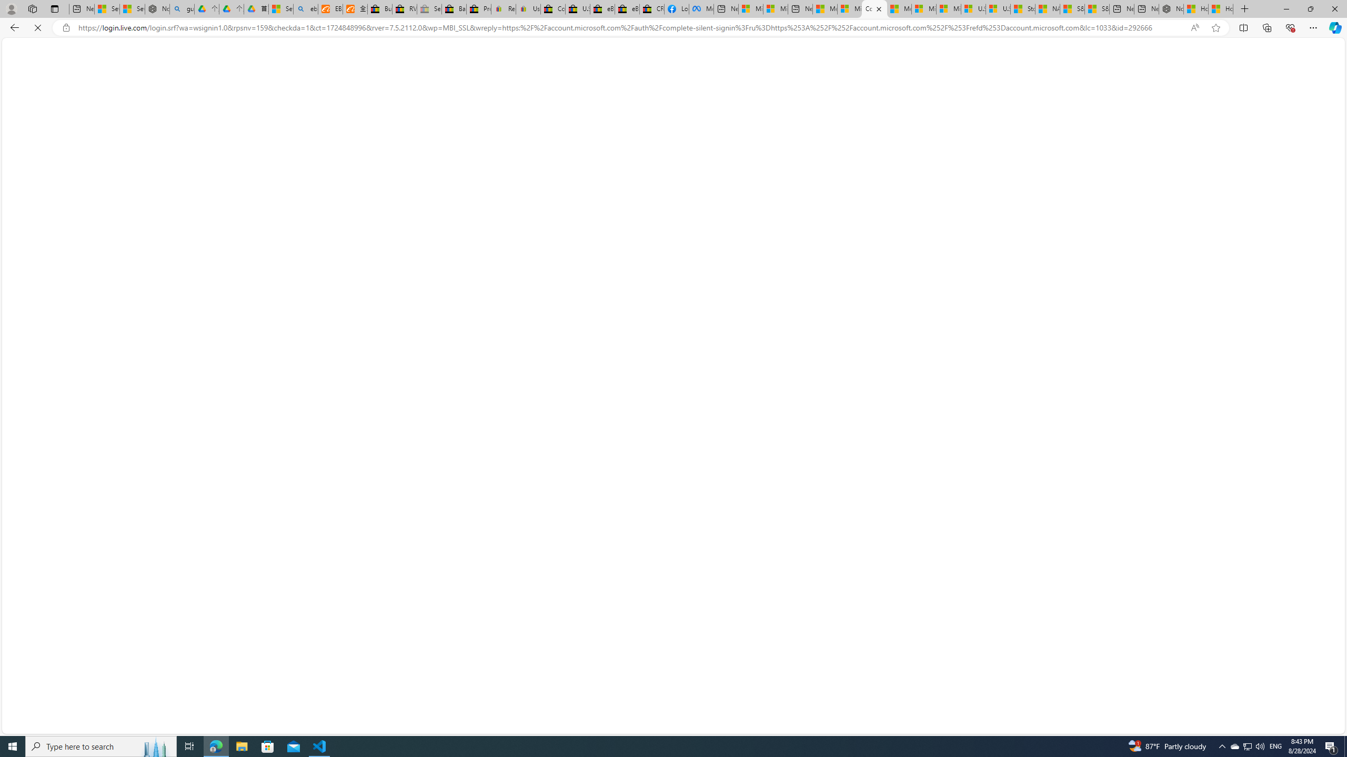  I want to click on 'Log into Facebook', so click(676, 8).